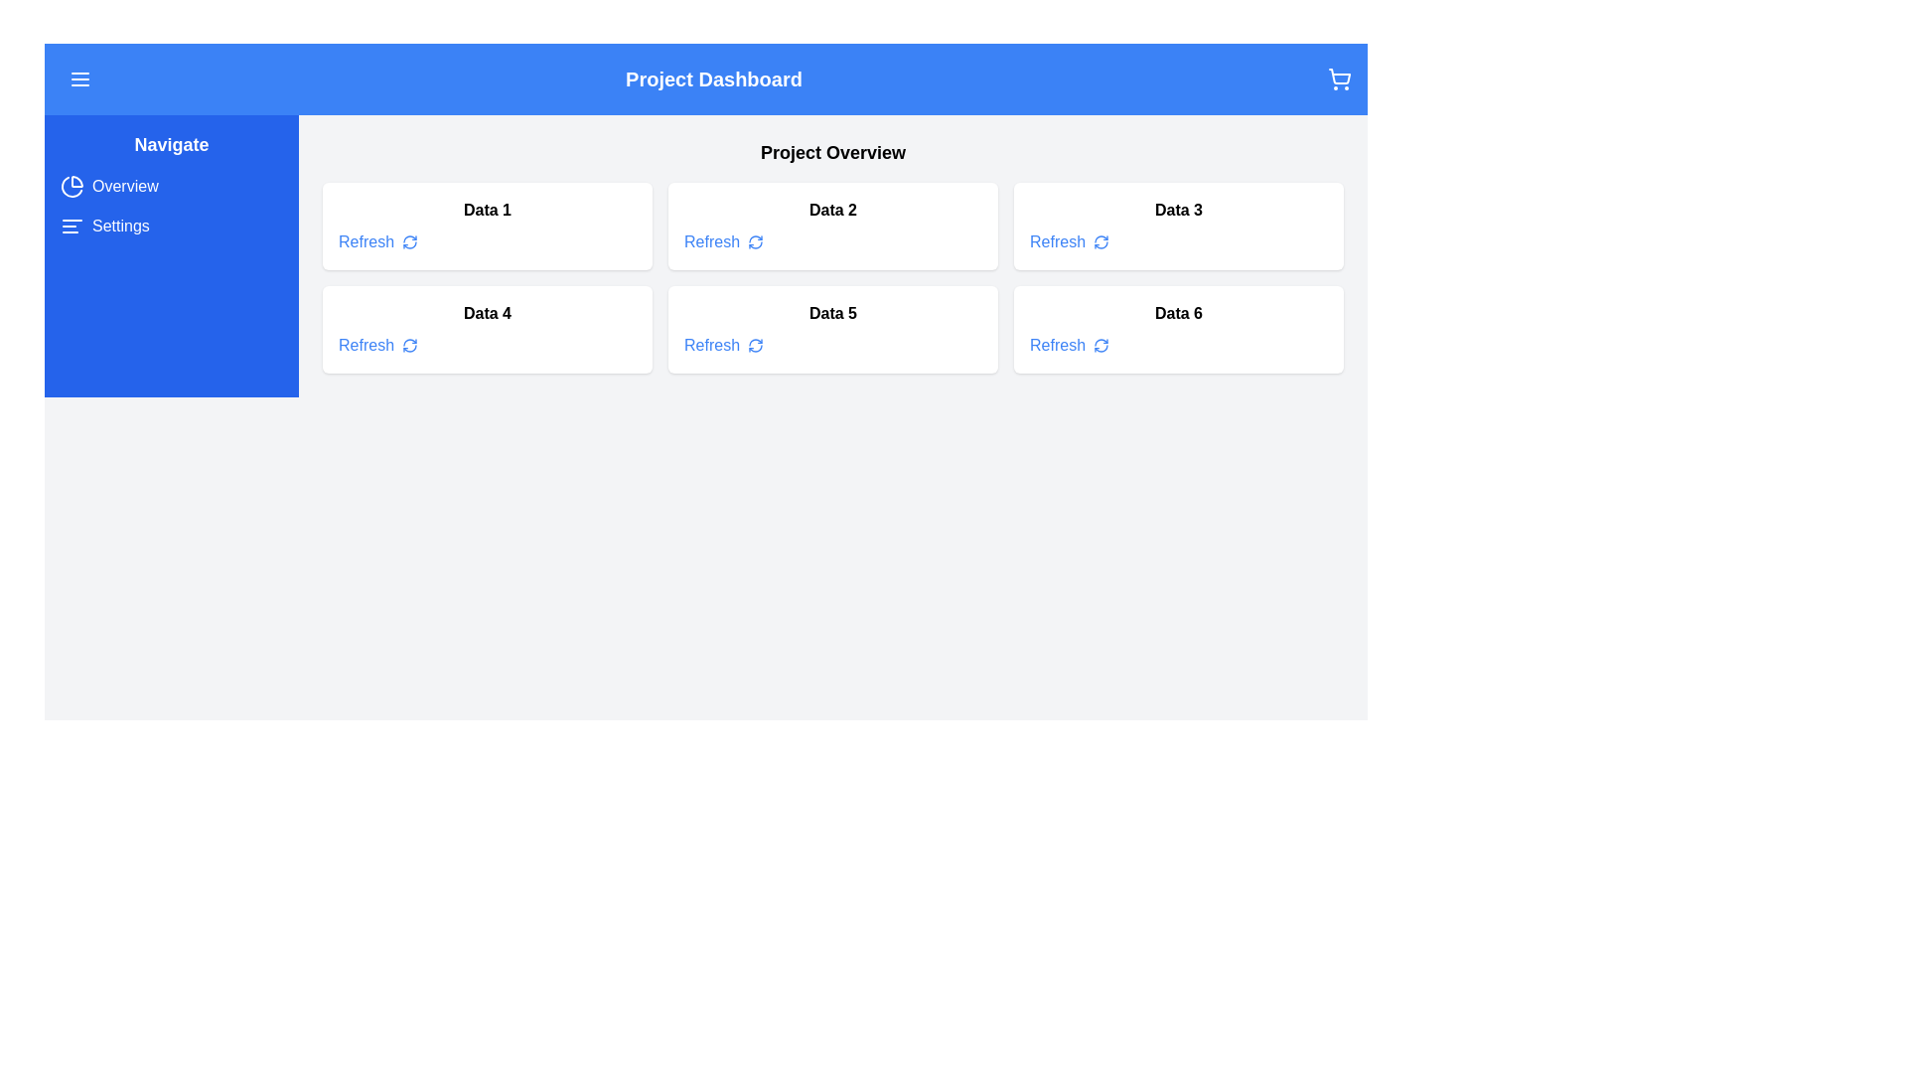 The image size is (1907, 1073). I want to click on the header titled 'What this Text (Header) does', which provides an overview of the 'Project Overview', so click(833, 152).